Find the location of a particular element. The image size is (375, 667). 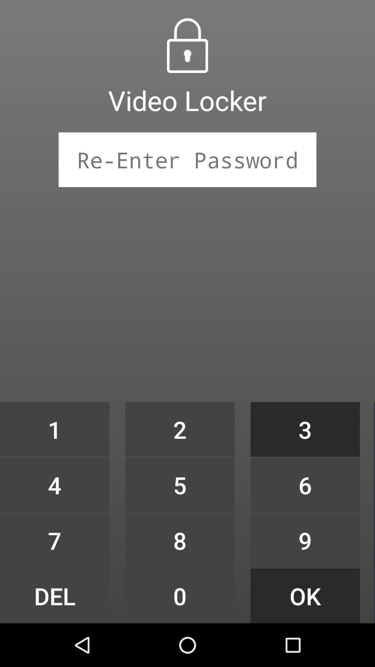

0 is located at coordinates (180, 595).